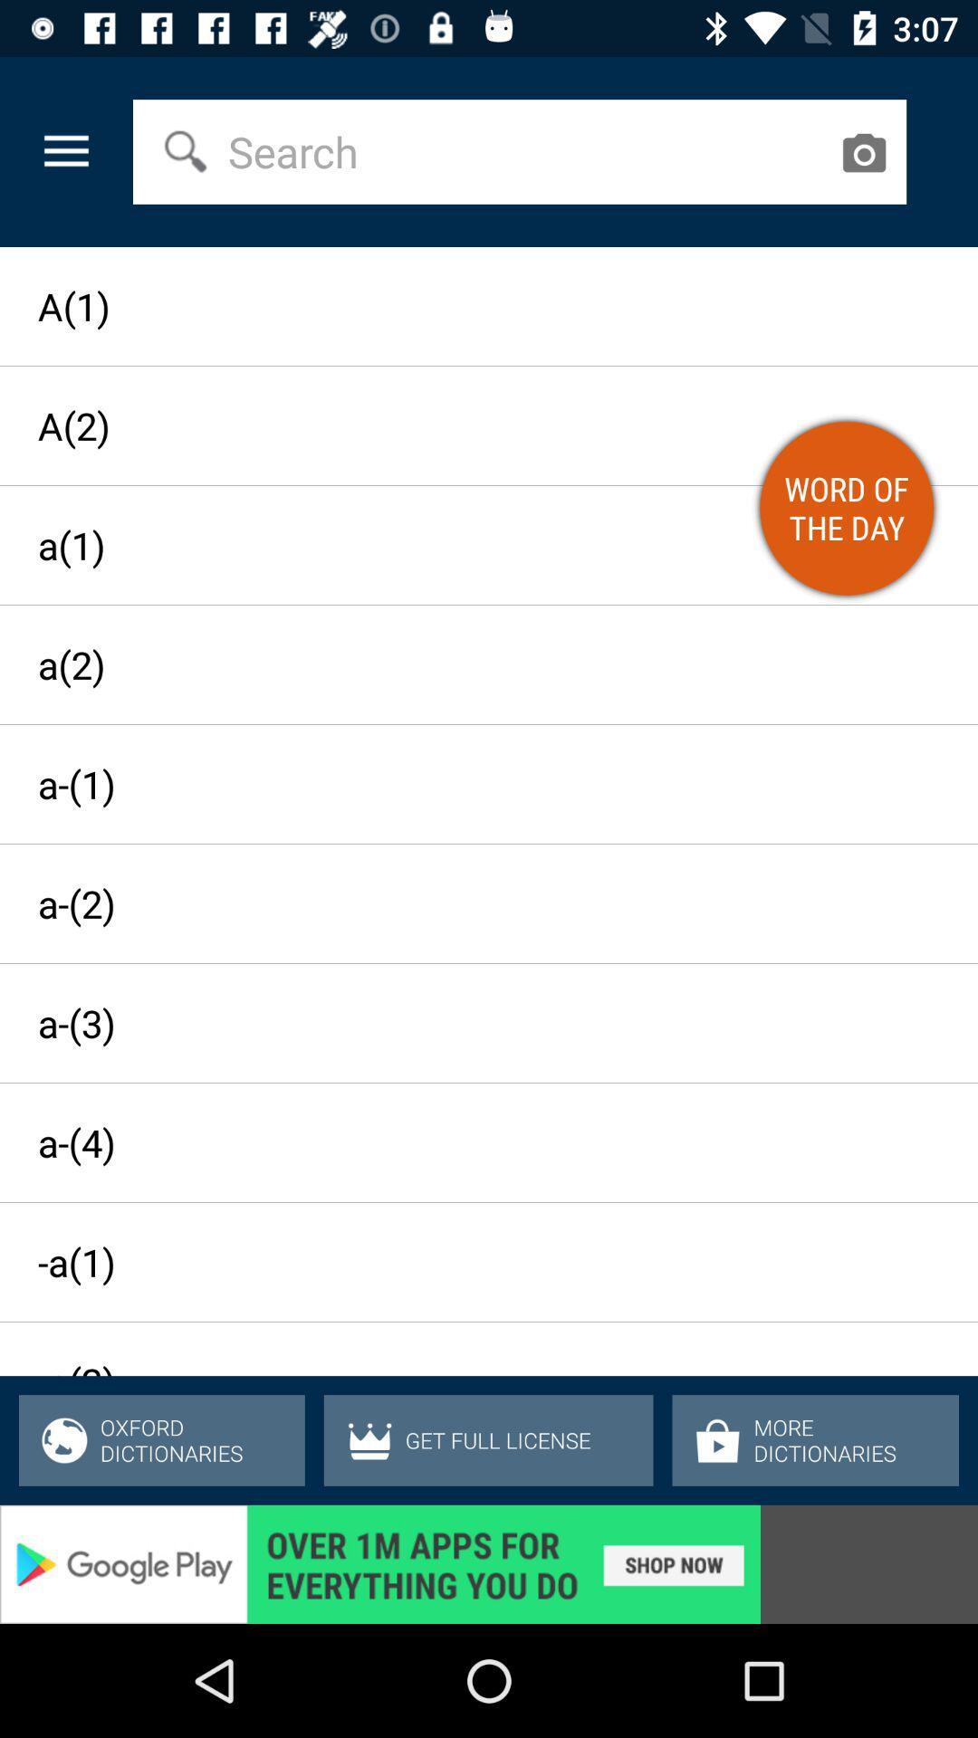  I want to click on orange color button on web page, so click(846, 507).